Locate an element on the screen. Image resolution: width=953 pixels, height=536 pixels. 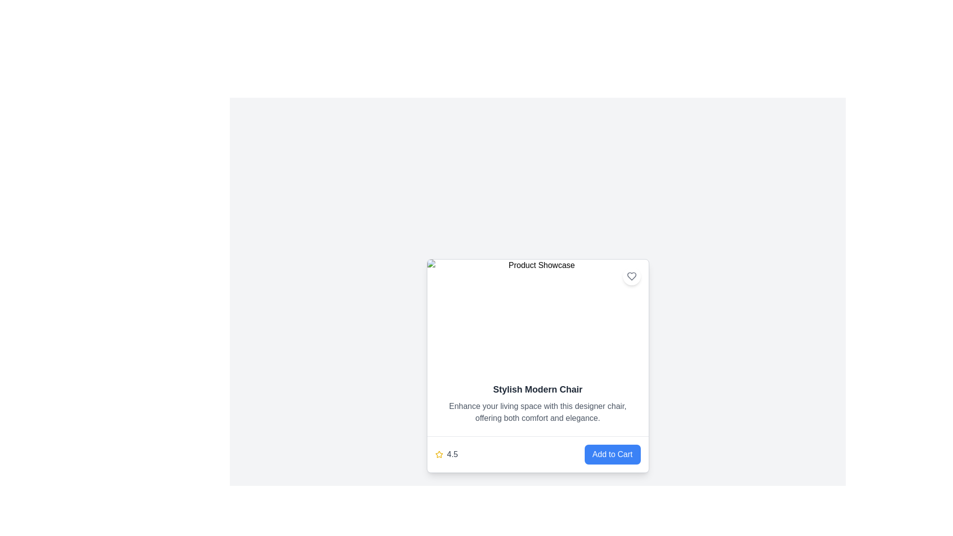
text presented in the text block located directly below the bold title 'Stylish Modern Chair' is located at coordinates (537, 412).